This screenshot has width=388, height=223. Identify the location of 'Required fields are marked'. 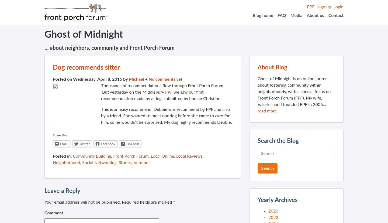
(147, 201).